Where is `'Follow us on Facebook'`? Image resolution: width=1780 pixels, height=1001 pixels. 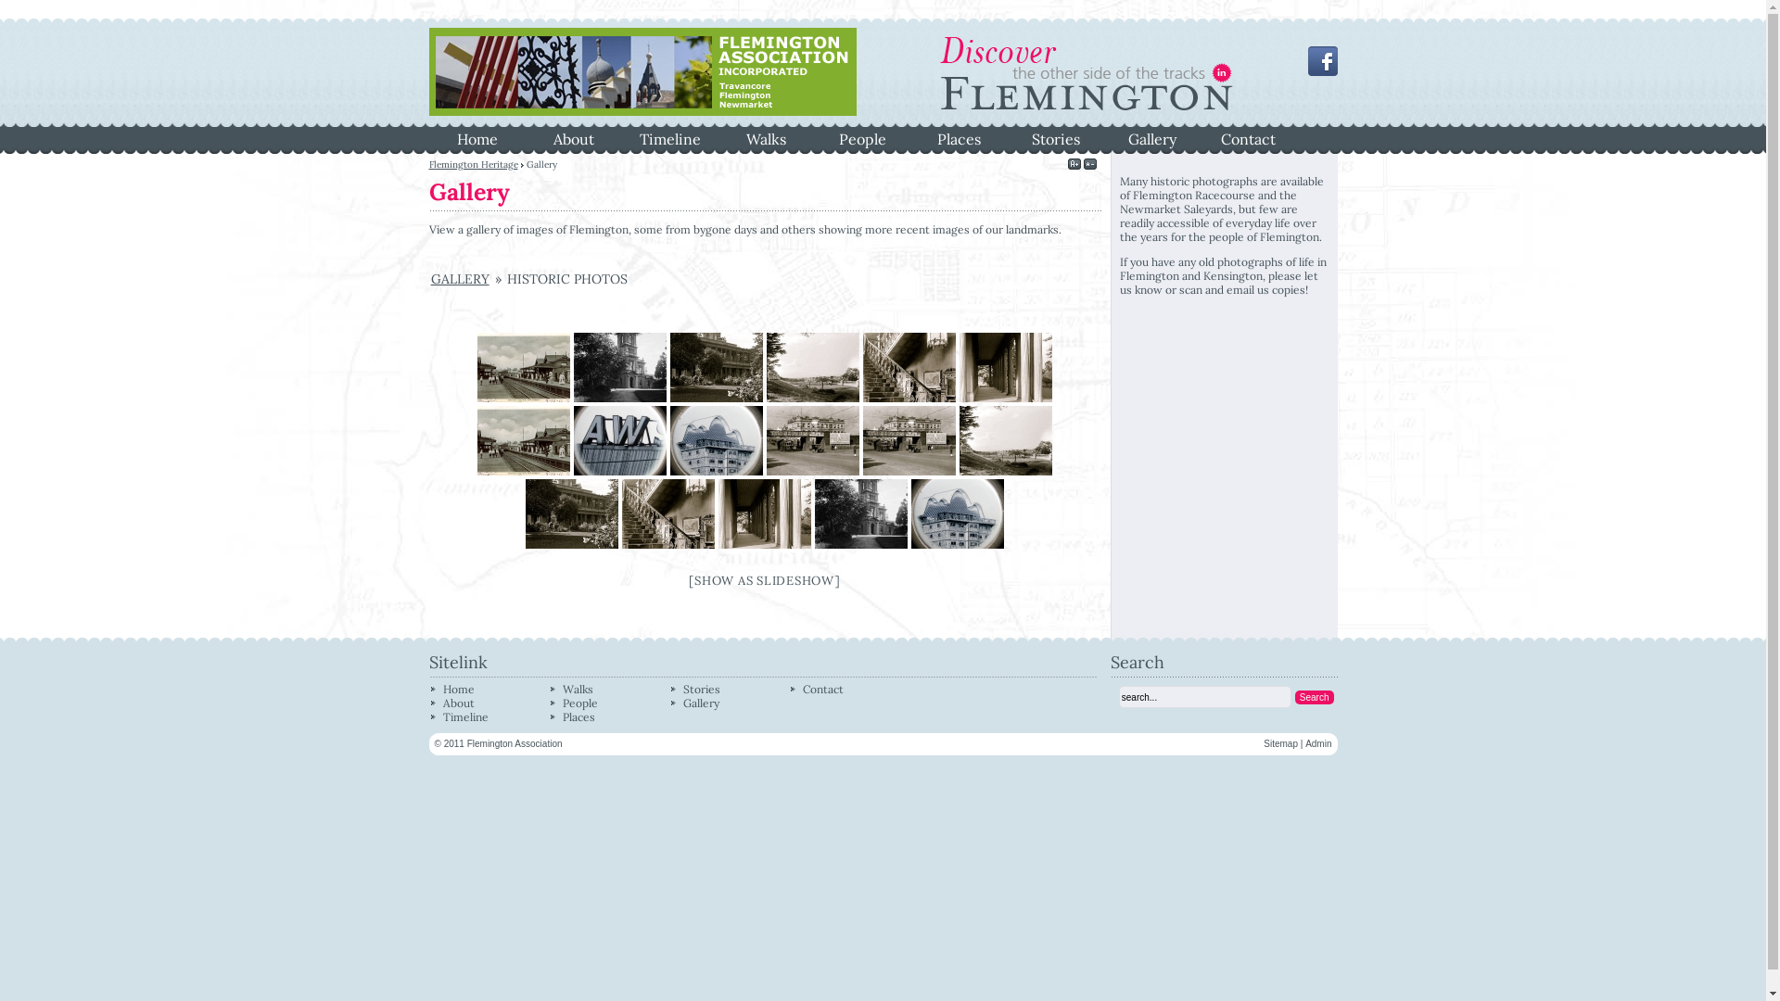
'Follow us on Facebook' is located at coordinates (1320, 70).